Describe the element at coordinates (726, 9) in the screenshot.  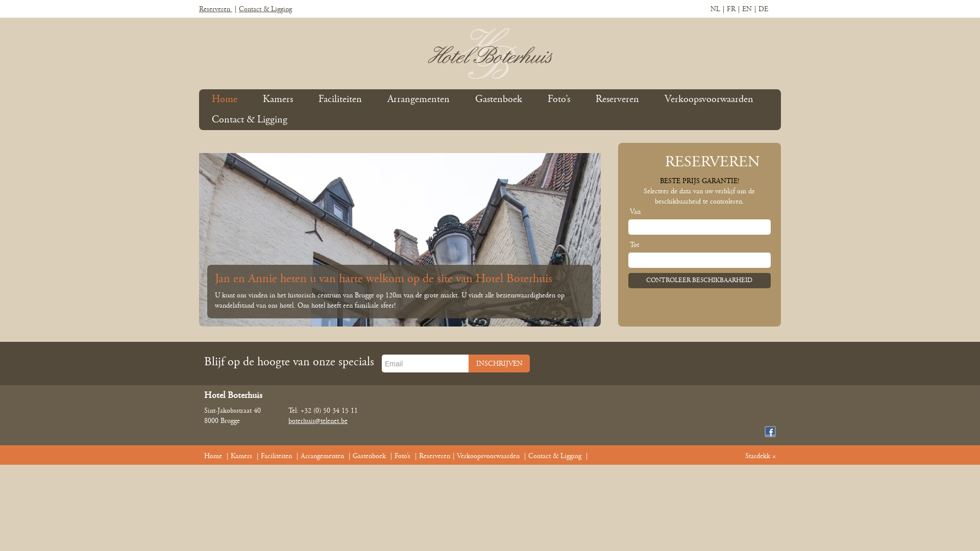
I see `'FR'` at that location.